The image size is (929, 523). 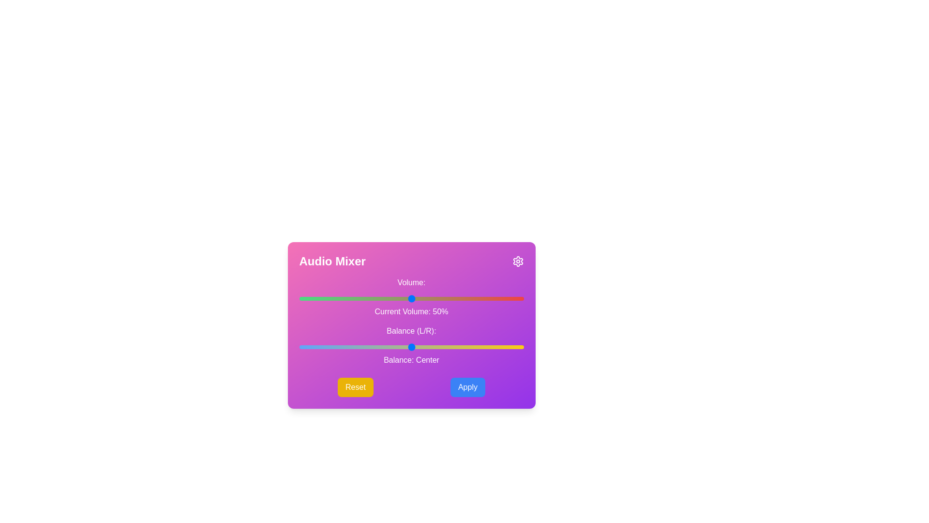 What do you see at coordinates (433, 298) in the screenshot?
I see `the volume slider to set the volume to 60%` at bounding box center [433, 298].